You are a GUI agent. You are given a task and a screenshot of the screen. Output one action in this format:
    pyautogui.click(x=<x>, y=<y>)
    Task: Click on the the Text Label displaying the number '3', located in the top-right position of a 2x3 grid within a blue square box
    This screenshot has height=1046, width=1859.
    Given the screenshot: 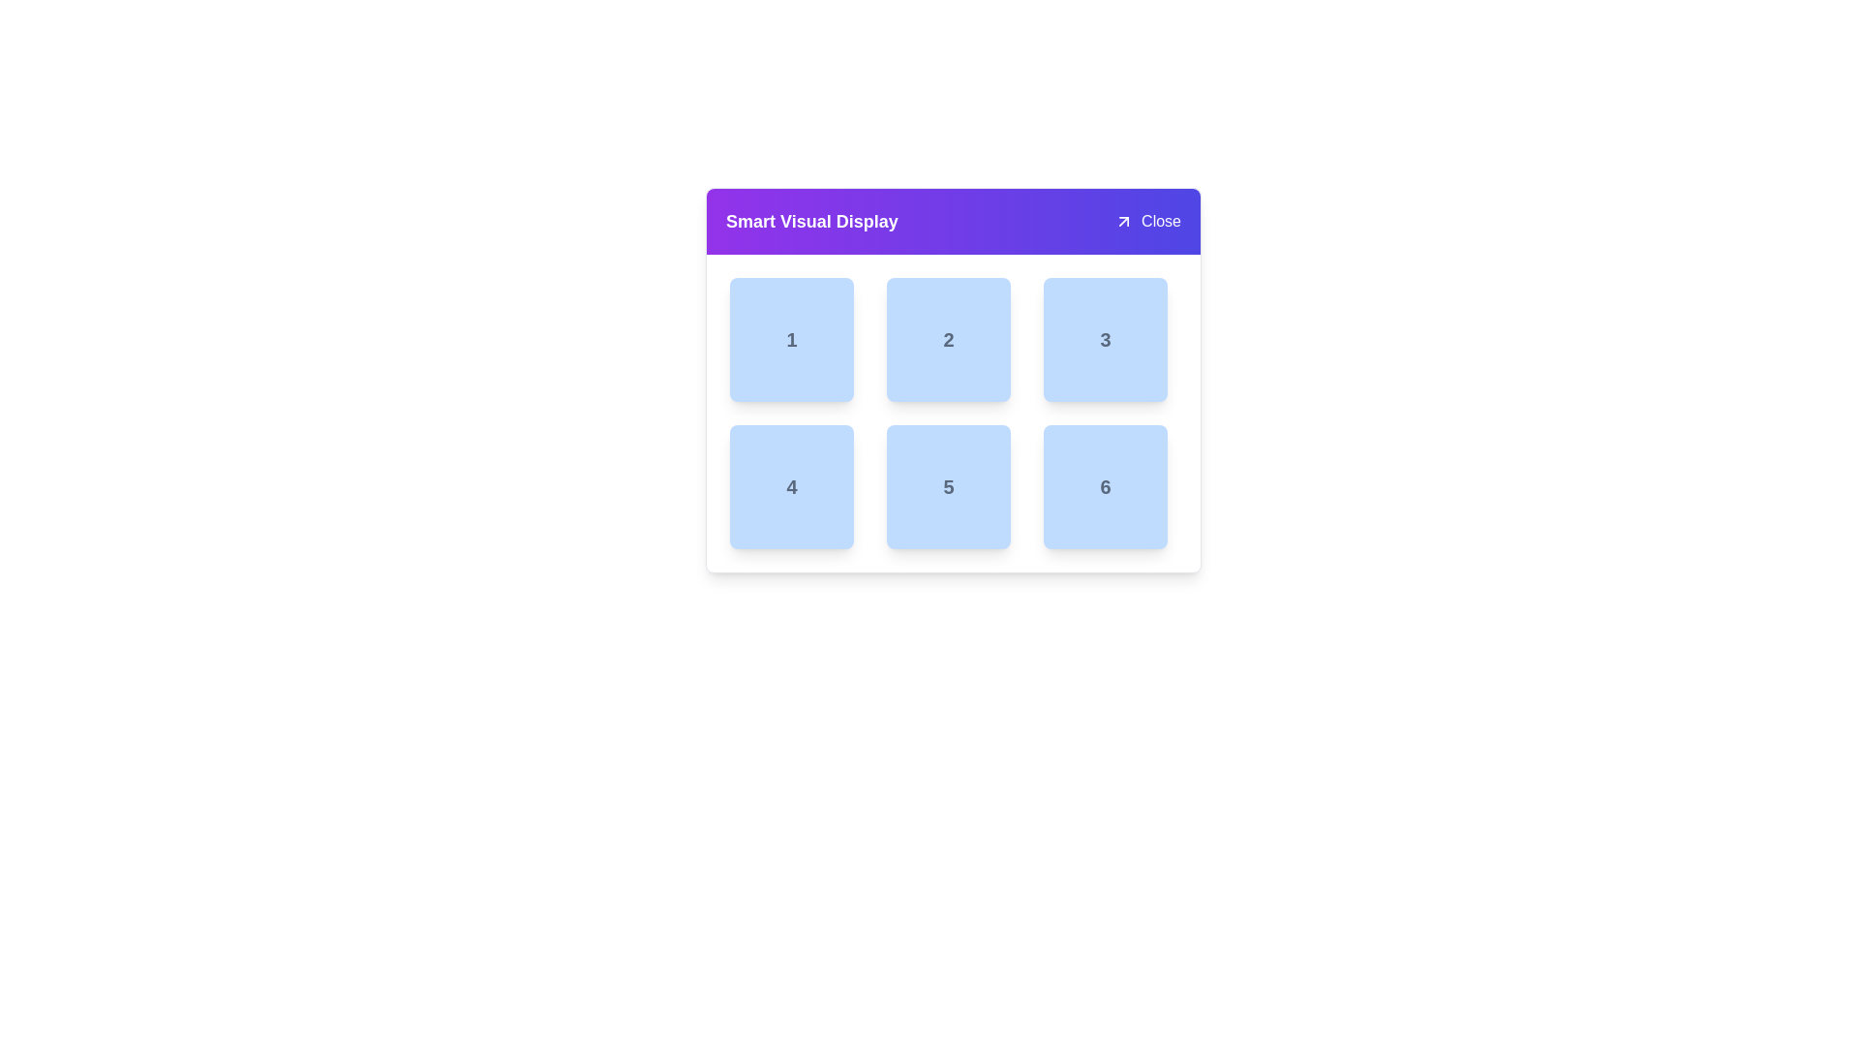 What is the action you would take?
    pyautogui.click(x=1106, y=339)
    